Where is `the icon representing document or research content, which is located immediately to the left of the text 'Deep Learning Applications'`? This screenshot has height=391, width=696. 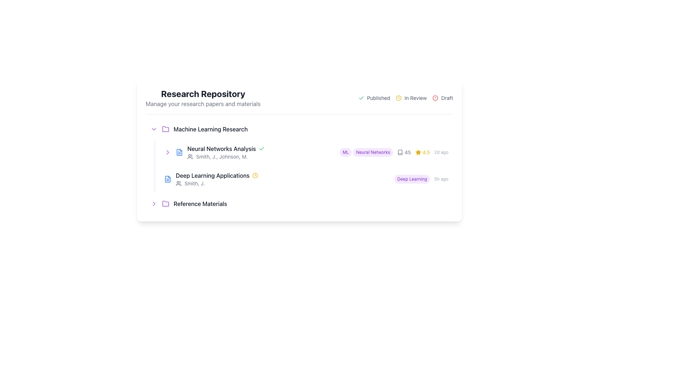
the icon representing document or research content, which is located immediately to the left of the text 'Deep Learning Applications' is located at coordinates (400, 152).